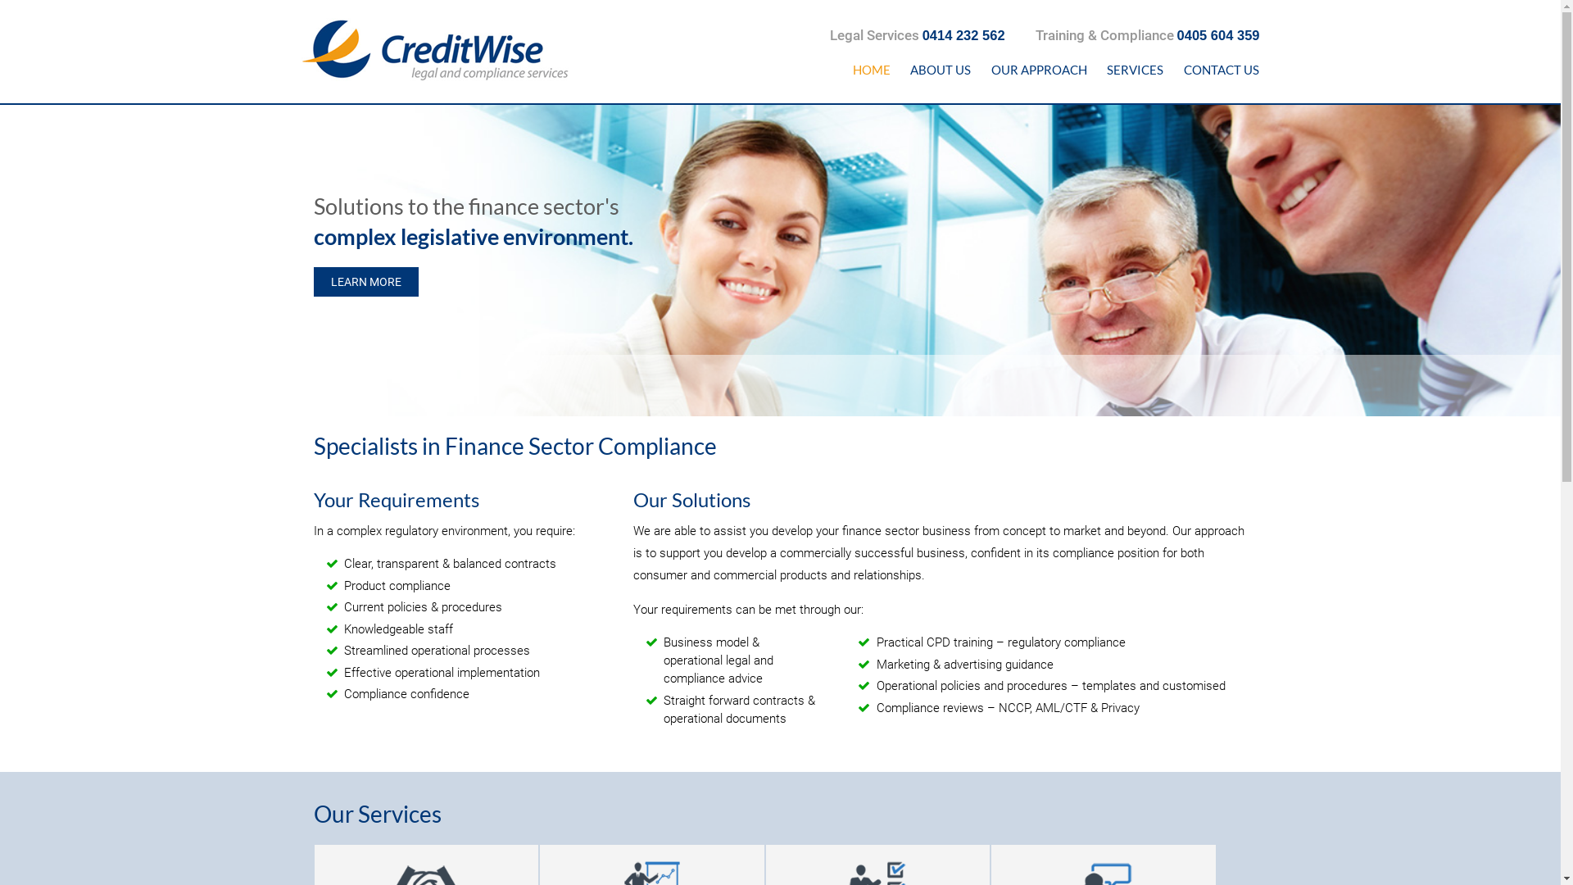  Describe the element at coordinates (941, 69) in the screenshot. I see `'ABOUT US'` at that location.